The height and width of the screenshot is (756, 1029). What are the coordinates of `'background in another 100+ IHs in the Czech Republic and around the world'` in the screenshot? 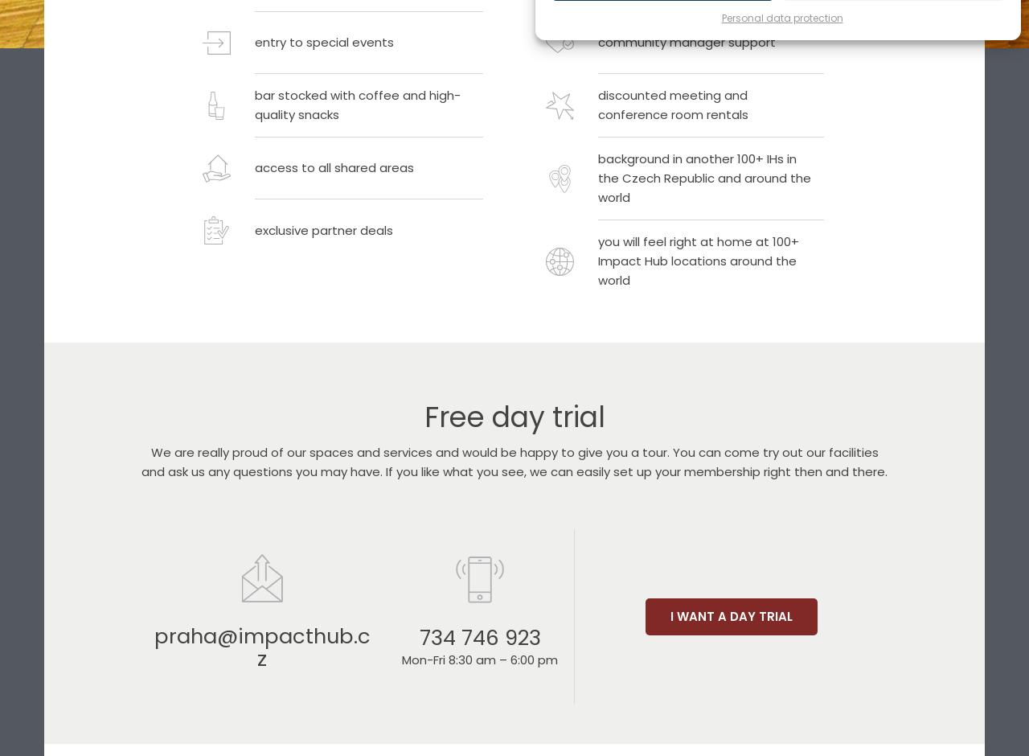 It's located at (703, 177).